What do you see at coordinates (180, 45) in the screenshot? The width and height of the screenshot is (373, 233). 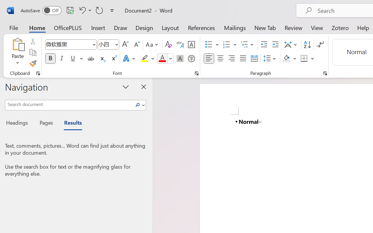 I see `'Phonetic Guide...'` at bounding box center [180, 45].